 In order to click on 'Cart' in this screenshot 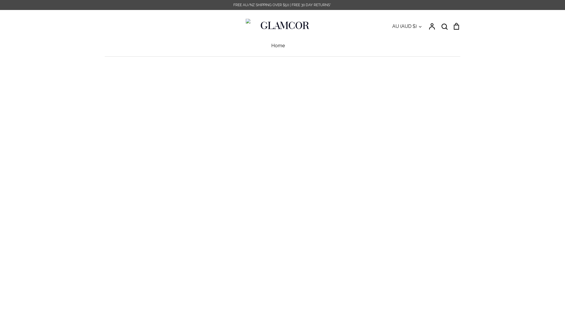, I will do `click(456, 26)`.